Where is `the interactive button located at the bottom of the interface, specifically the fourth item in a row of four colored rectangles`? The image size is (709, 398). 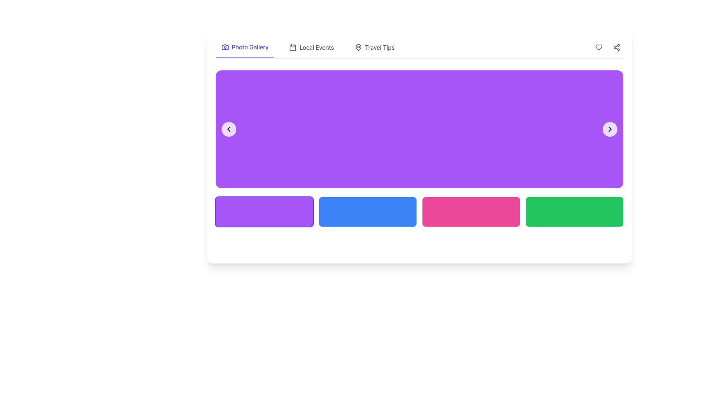 the interactive button located at the bottom of the interface, specifically the fourth item in a row of four colored rectangles is located at coordinates (574, 212).